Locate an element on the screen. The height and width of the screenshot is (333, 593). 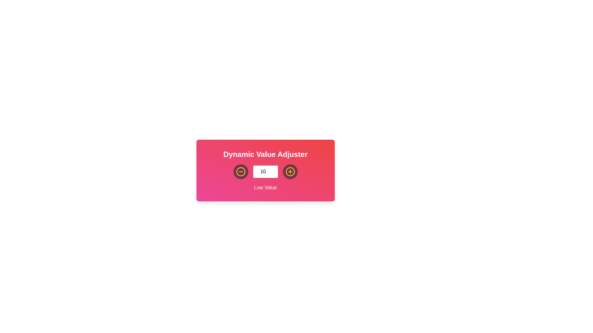
the circular button with a yellow border and a yellow minus symbol at its center to decrease the value is located at coordinates (240, 171).